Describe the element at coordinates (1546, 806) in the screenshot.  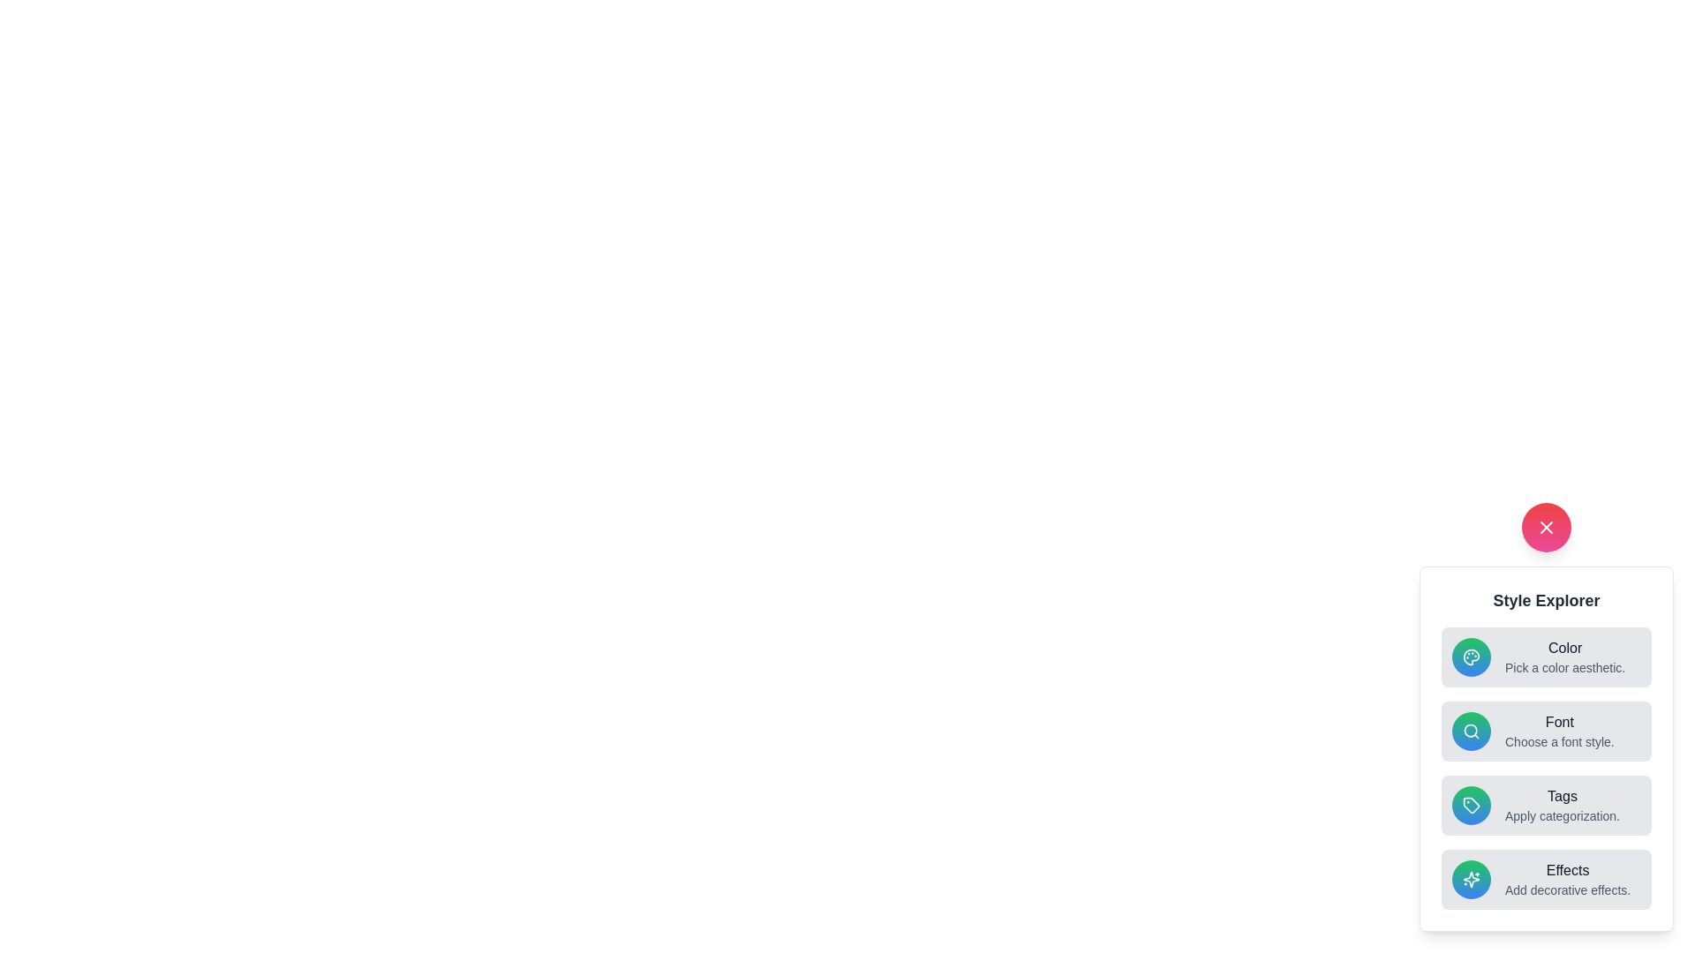
I see `the style option labeled Tags` at that location.